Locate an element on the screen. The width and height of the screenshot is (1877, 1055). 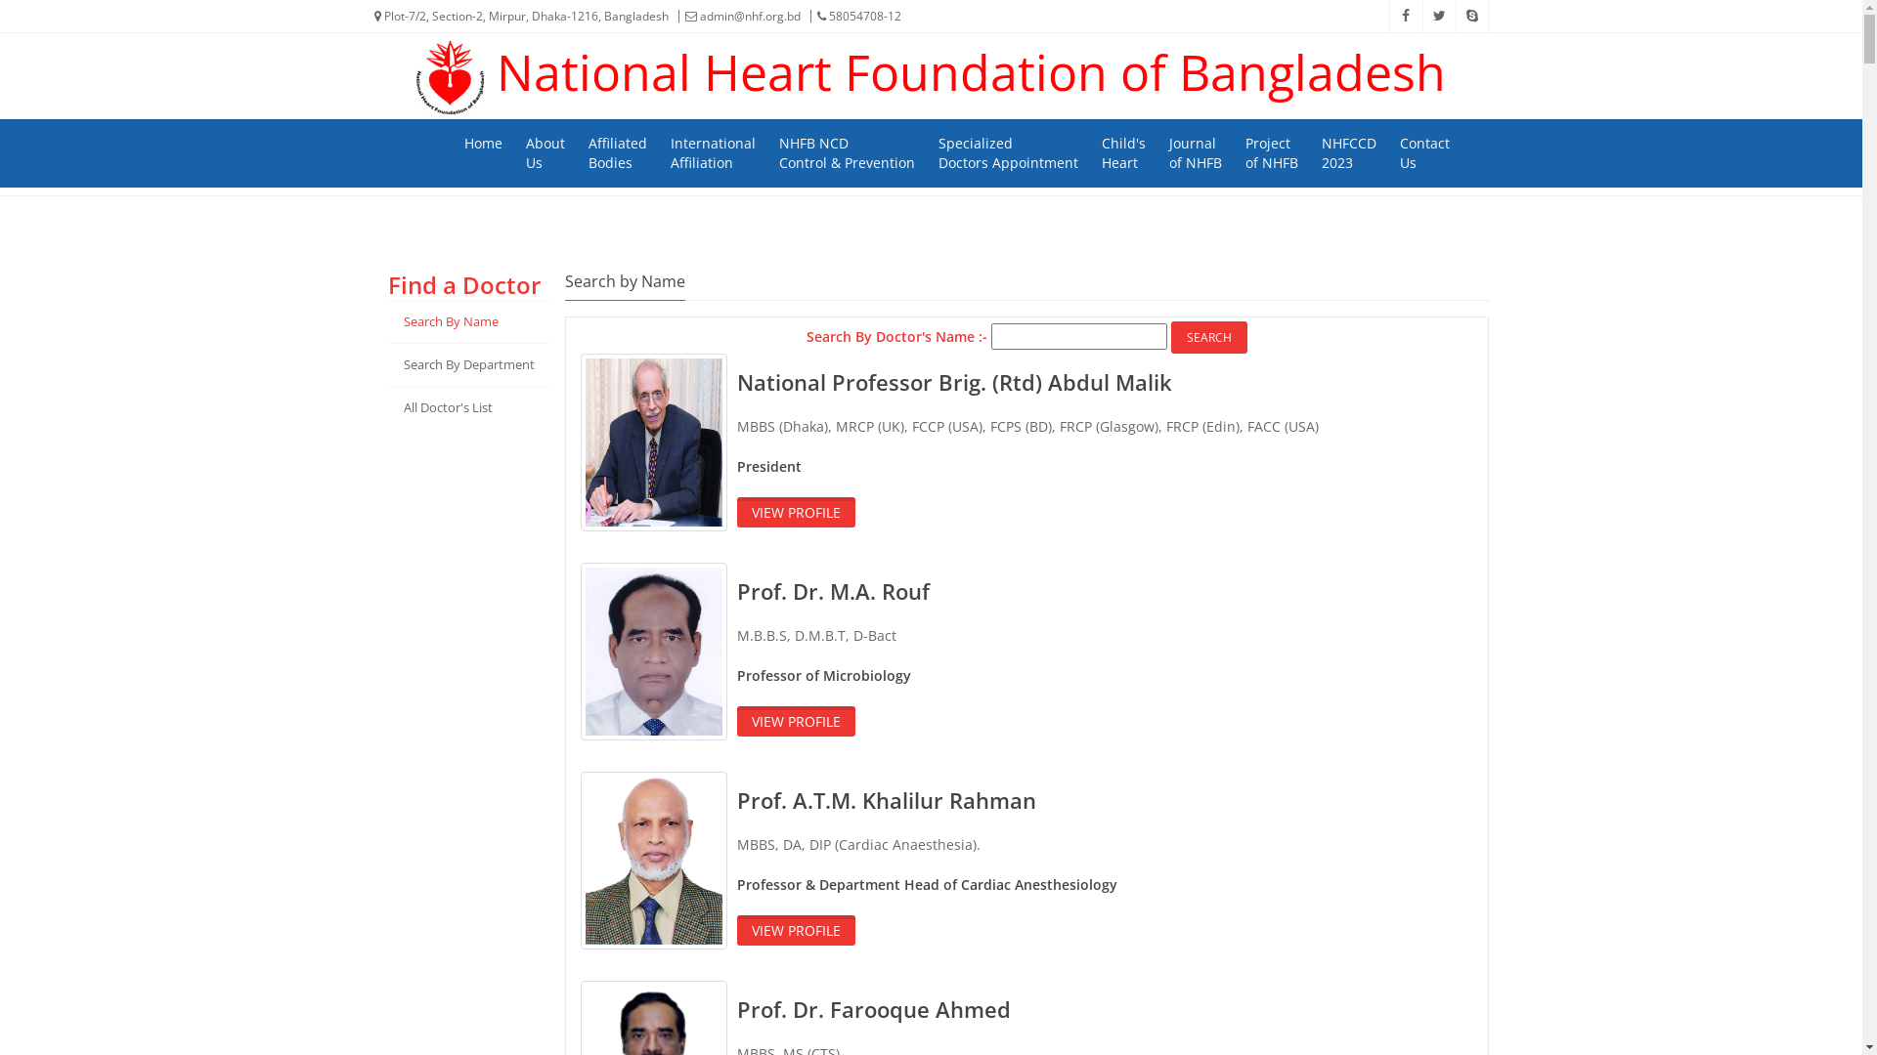
'Affiliated is located at coordinates (571, 152).